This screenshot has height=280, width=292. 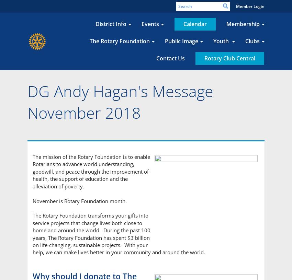 What do you see at coordinates (80, 200) in the screenshot?
I see `'November is Rotary Foundation month.'` at bounding box center [80, 200].